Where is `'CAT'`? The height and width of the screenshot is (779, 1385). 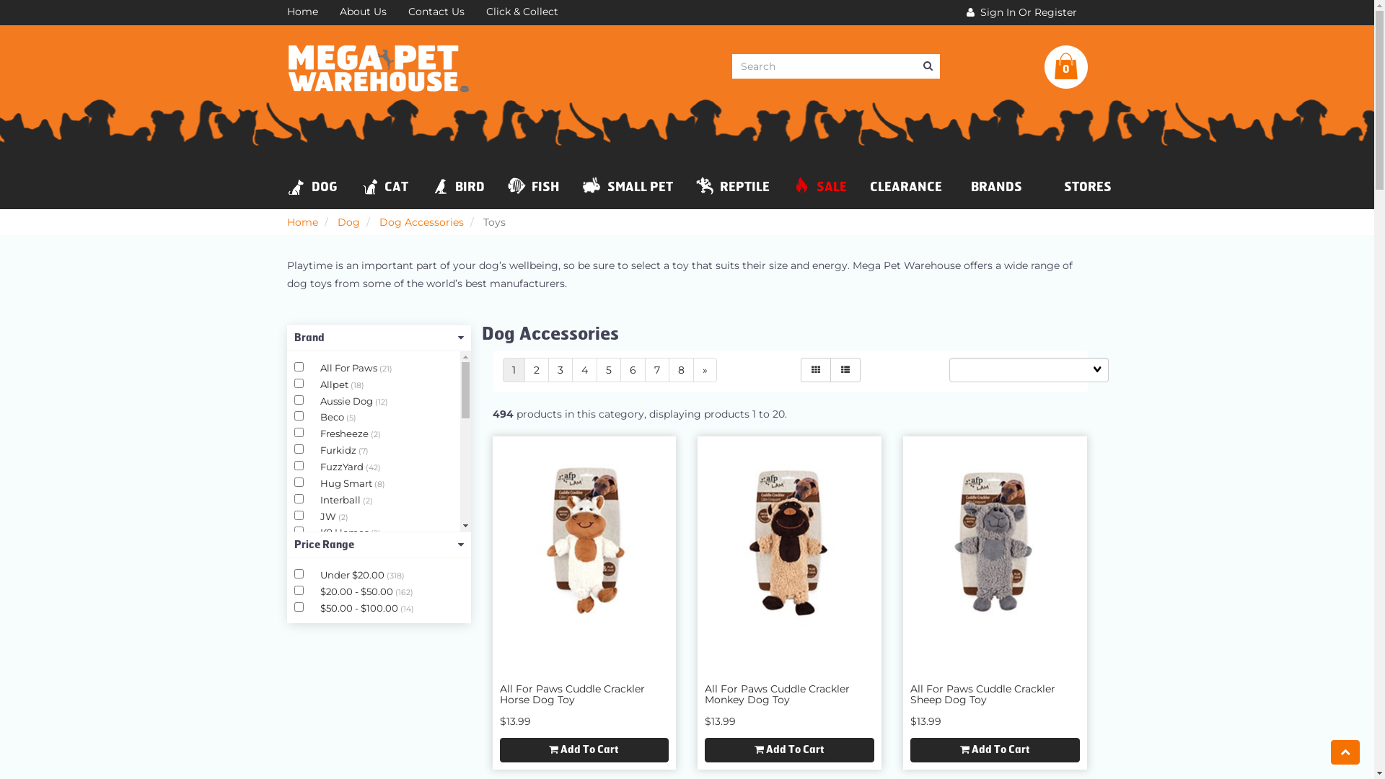
'CAT' is located at coordinates (384, 186).